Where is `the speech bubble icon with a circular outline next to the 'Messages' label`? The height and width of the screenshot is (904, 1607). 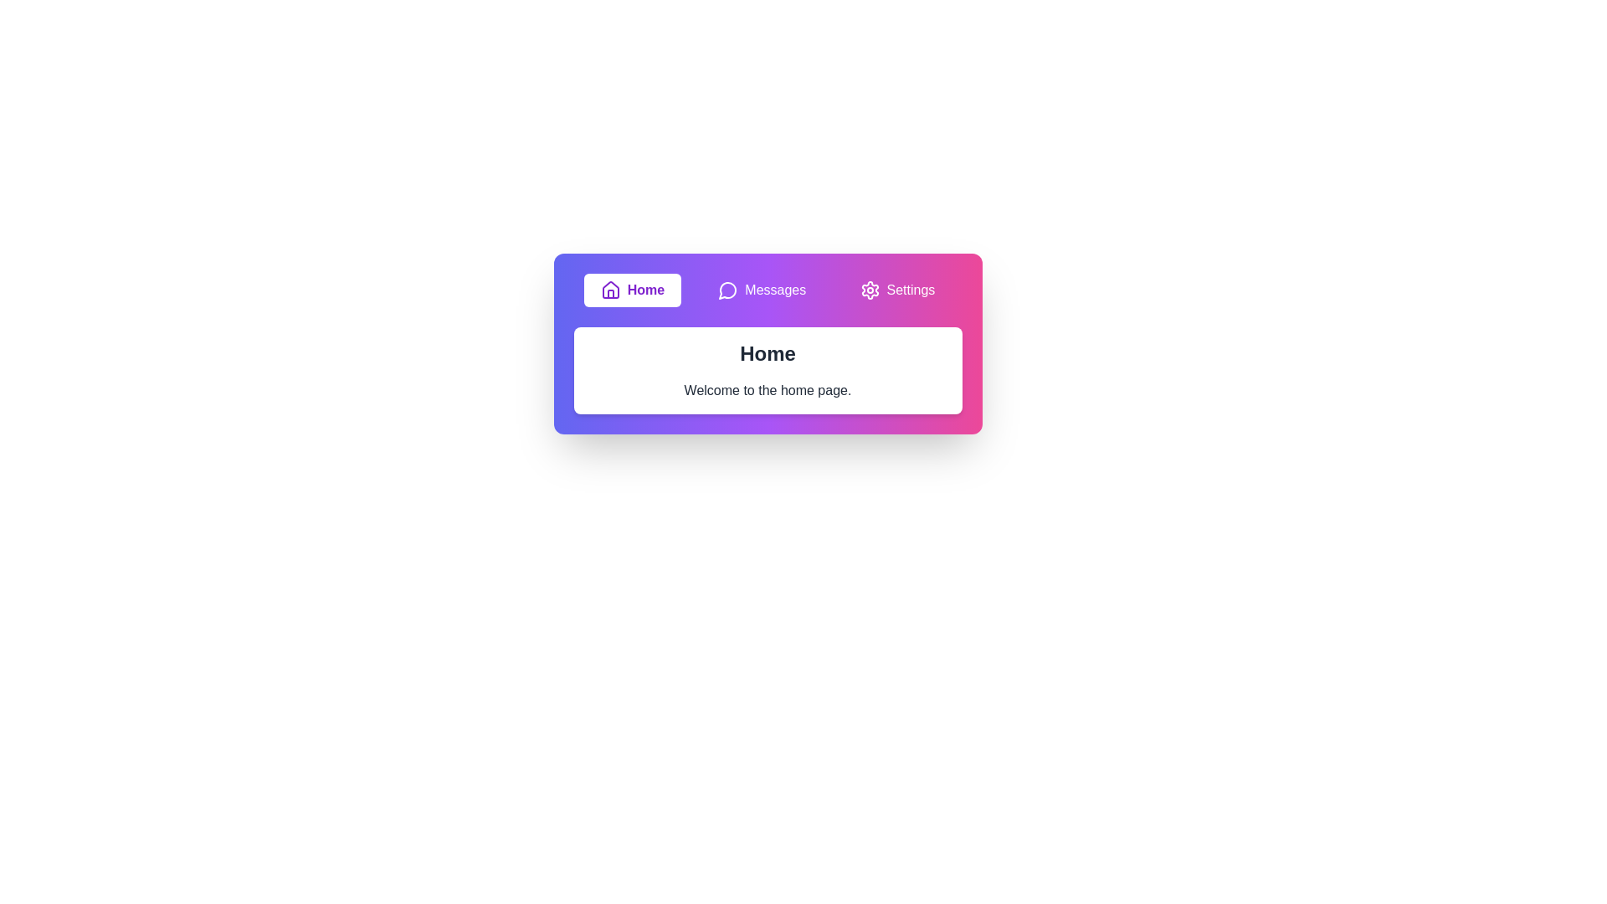
the speech bubble icon with a circular outline next to the 'Messages' label is located at coordinates (728, 290).